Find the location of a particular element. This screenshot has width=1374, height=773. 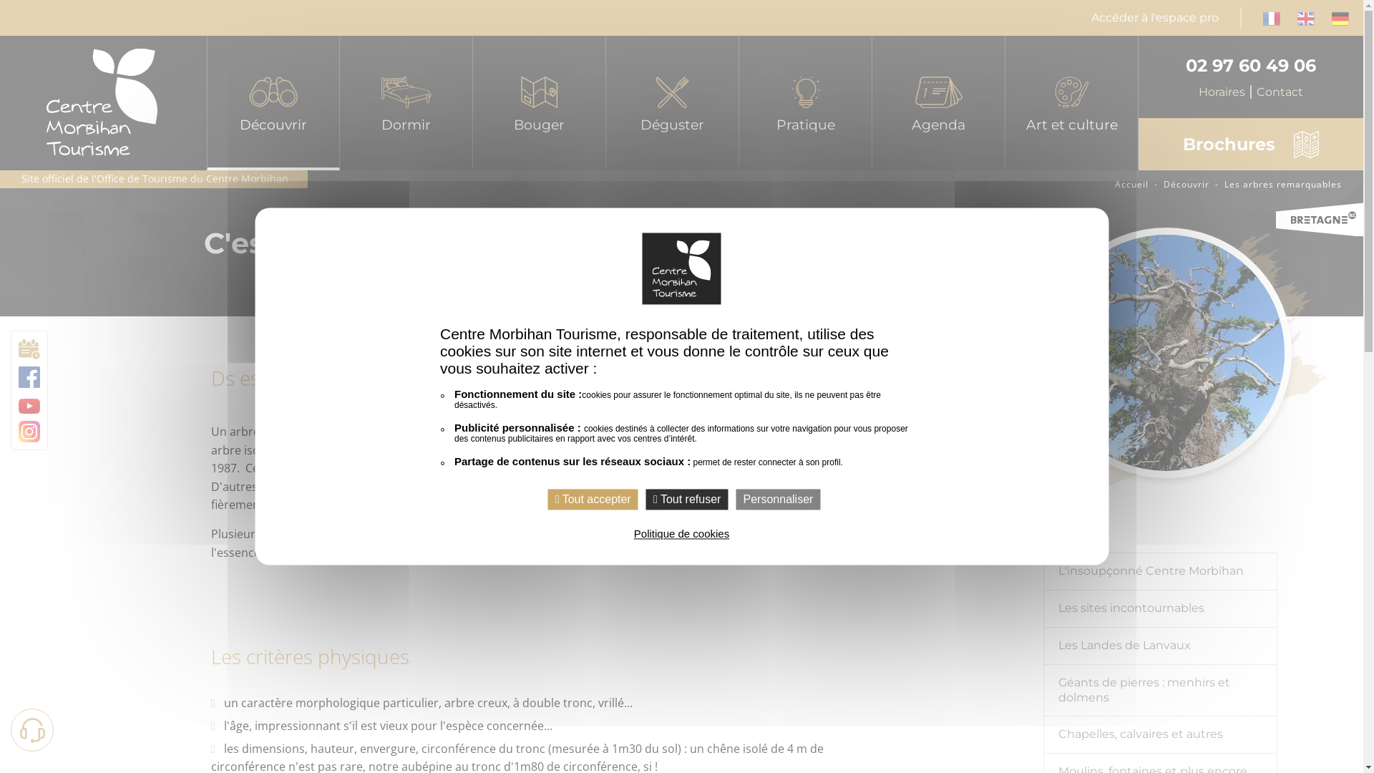

'German' is located at coordinates (1339, 16).